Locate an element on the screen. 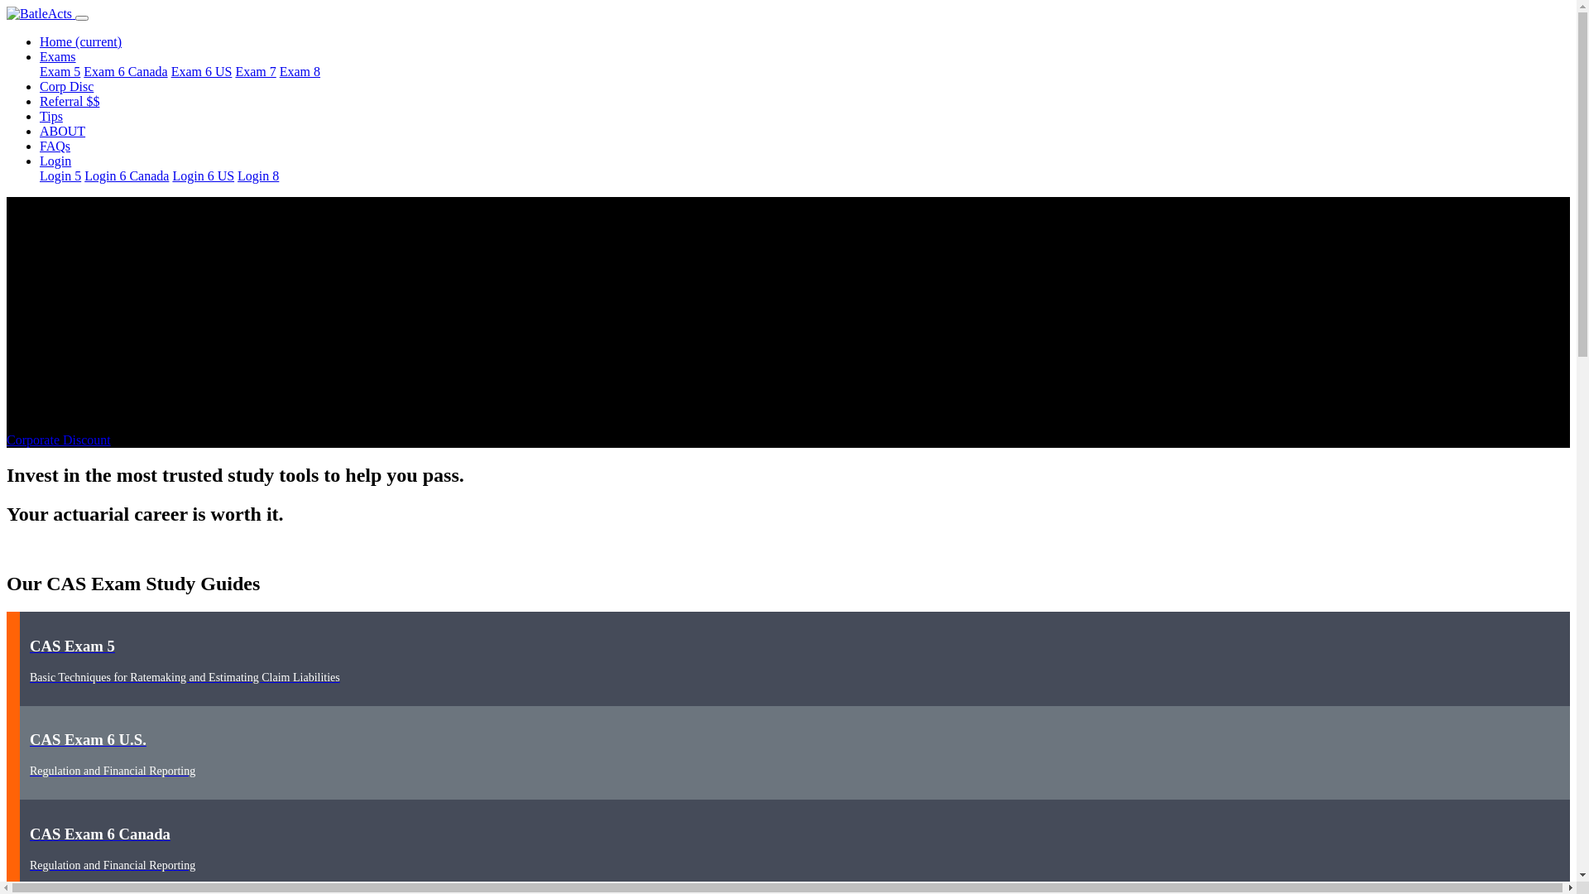  'Referral $$' is located at coordinates (68, 101).